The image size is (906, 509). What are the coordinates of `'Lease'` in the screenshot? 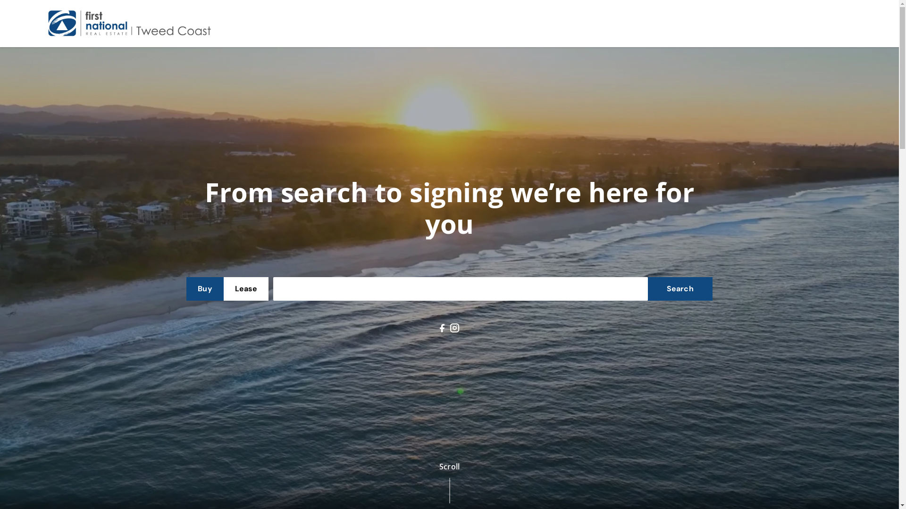 It's located at (246, 288).